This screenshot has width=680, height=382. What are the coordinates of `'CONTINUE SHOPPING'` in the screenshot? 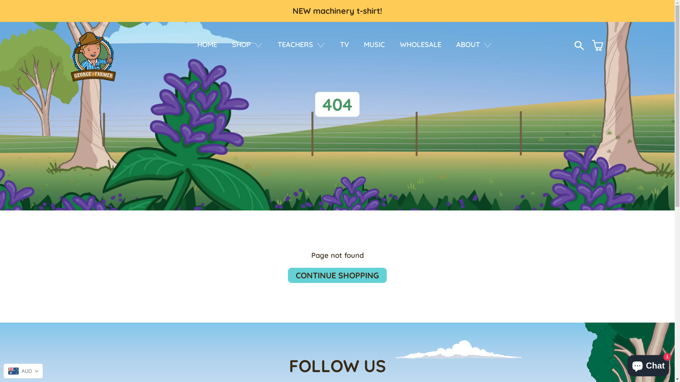 It's located at (337, 275).